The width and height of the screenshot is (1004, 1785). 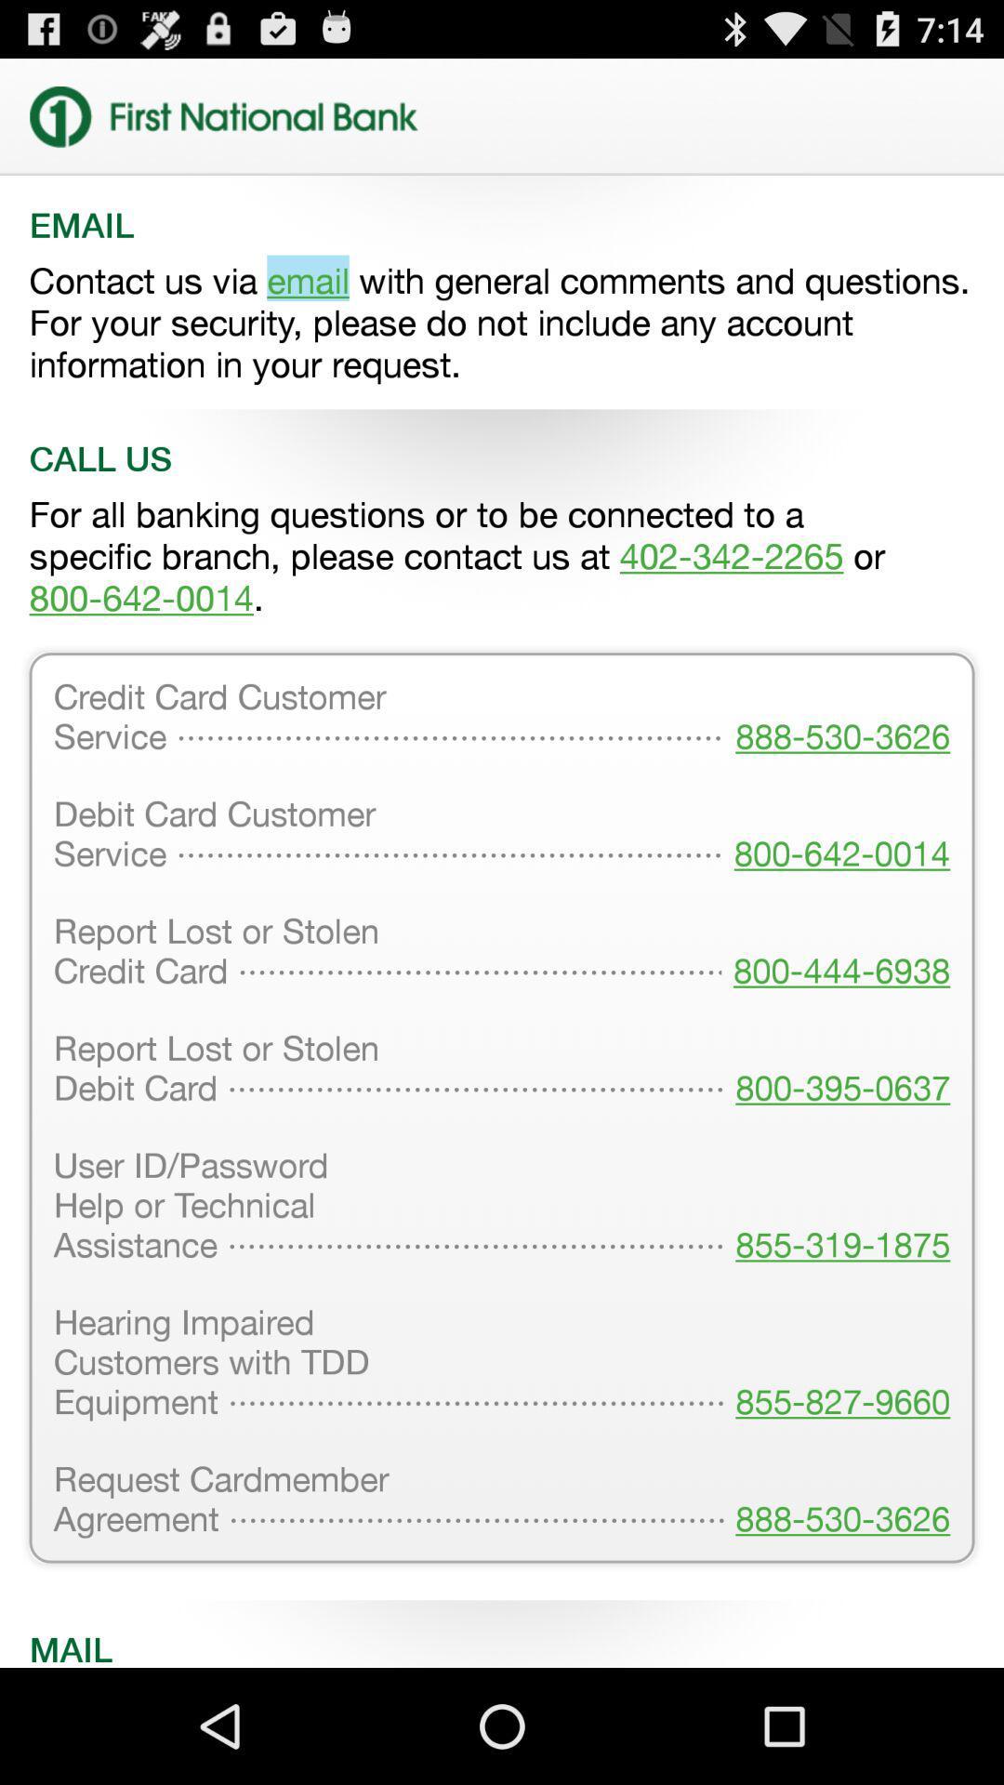 I want to click on the item above hearing impaired customers, so click(x=837, y=1207).